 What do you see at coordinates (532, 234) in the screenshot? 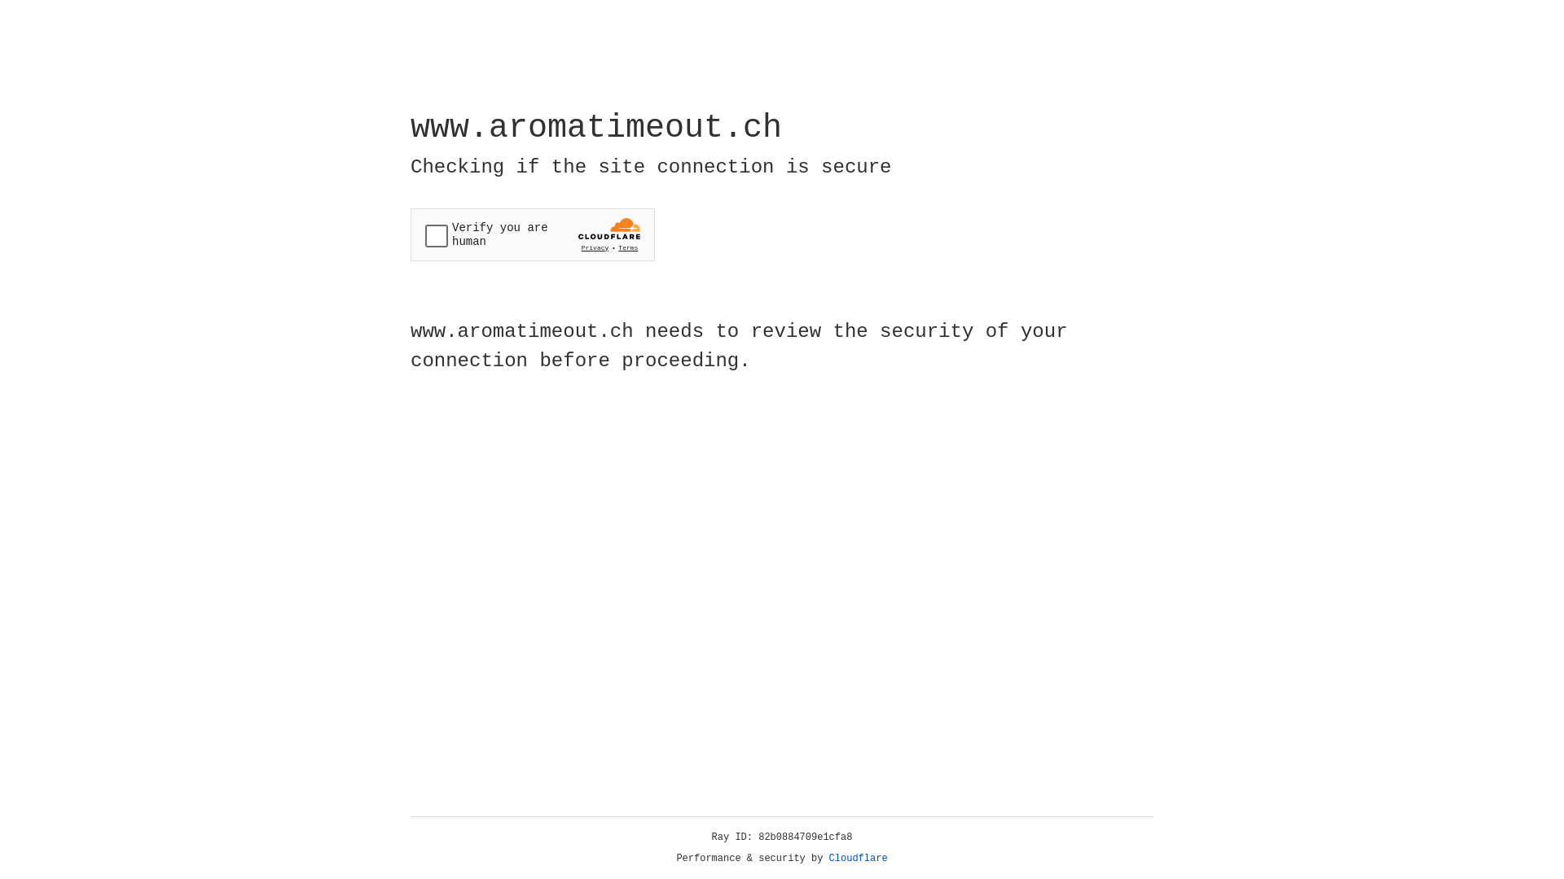
I see `'Widget containing a Cloudflare security challenge'` at bounding box center [532, 234].